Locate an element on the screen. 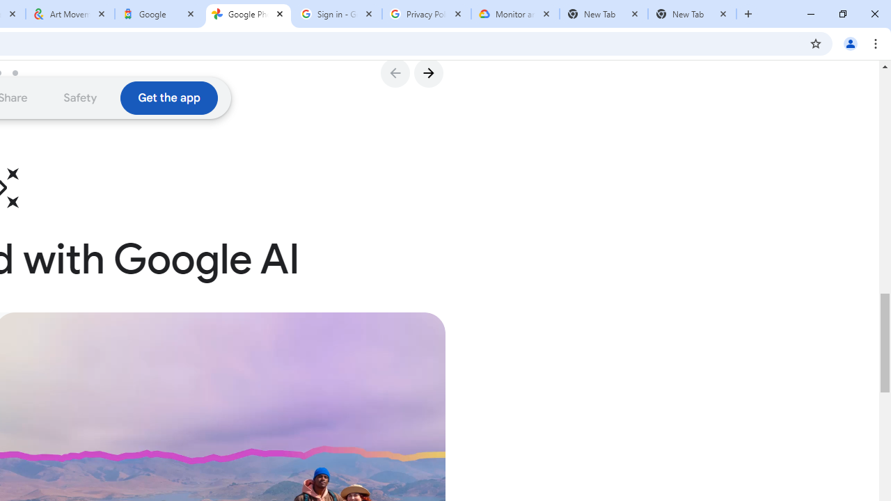 This screenshot has width=891, height=501. 'Google' is located at coordinates (159, 14).